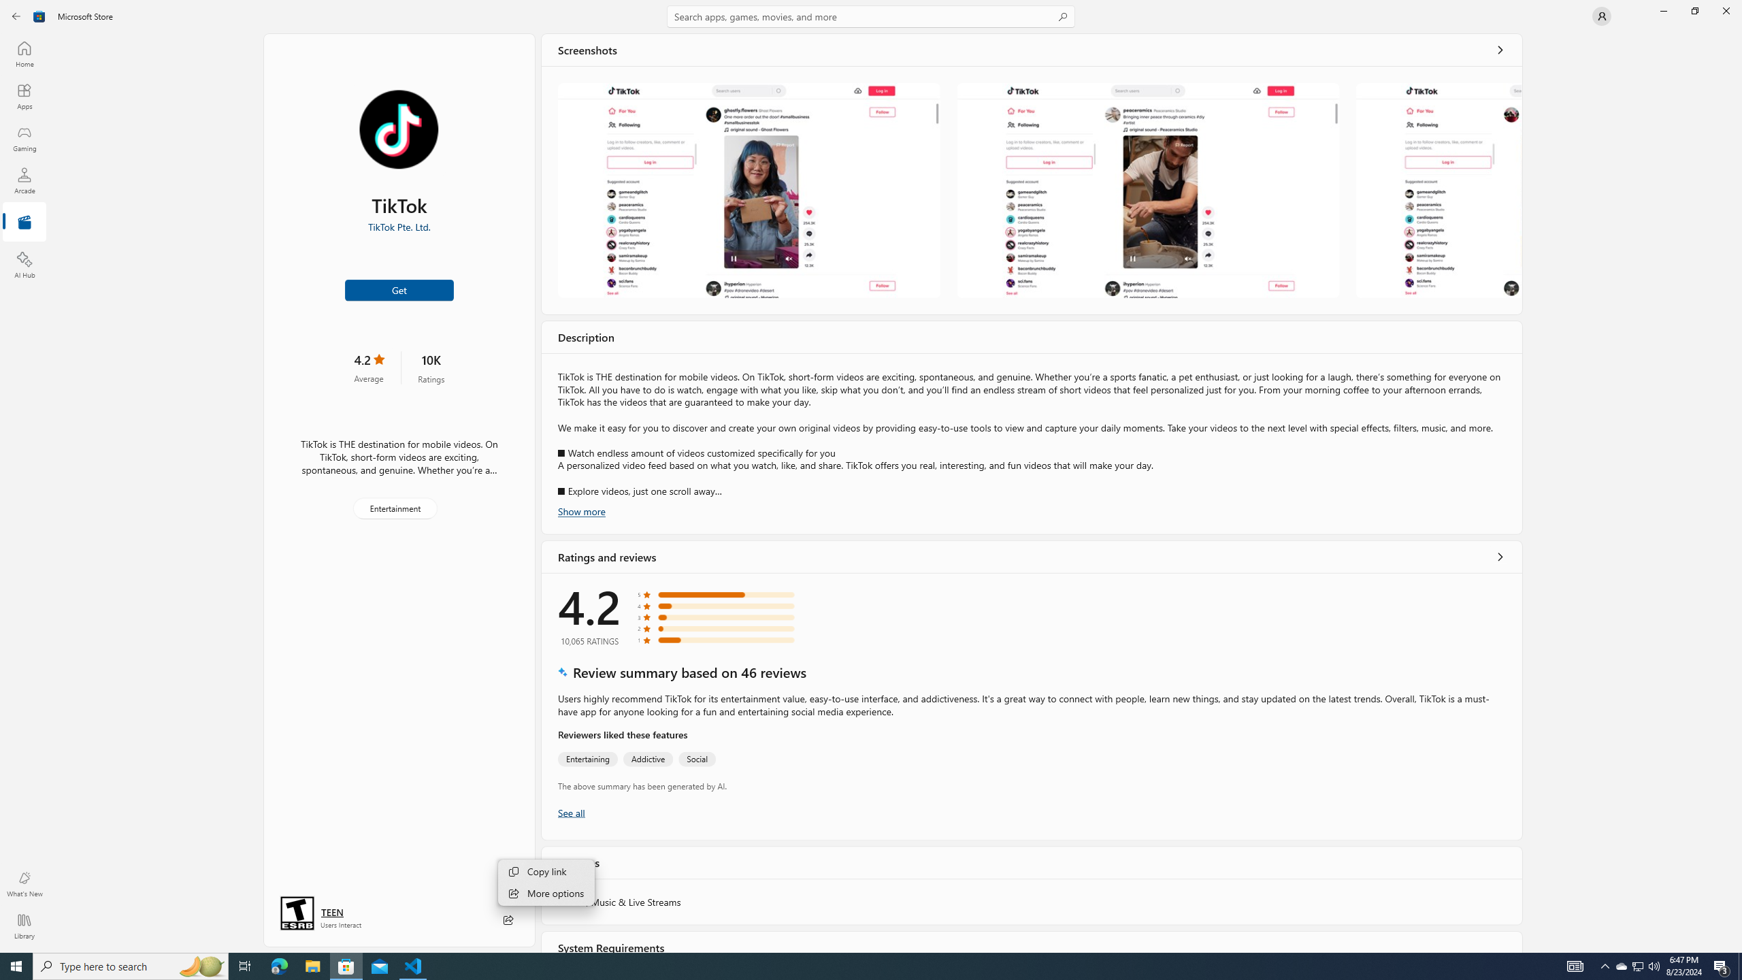 The height and width of the screenshot is (980, 1742). Describe the element at coordinates (1148, 190) in the screenshot. I see `'Screenshot 2'` at that location.